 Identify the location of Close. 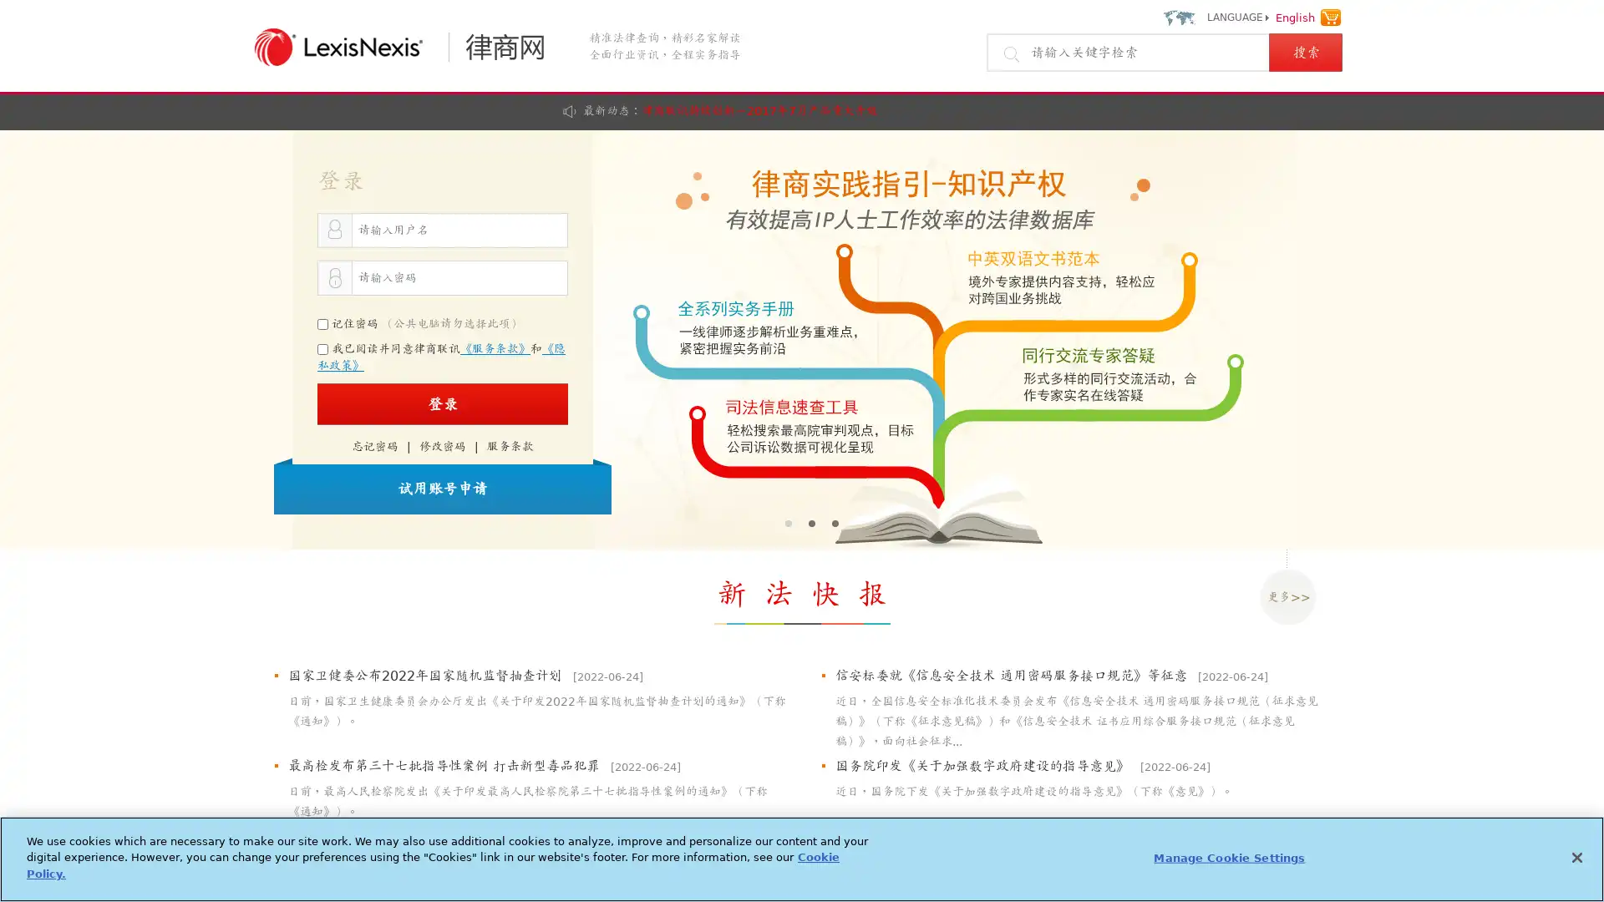
(1576, 857).